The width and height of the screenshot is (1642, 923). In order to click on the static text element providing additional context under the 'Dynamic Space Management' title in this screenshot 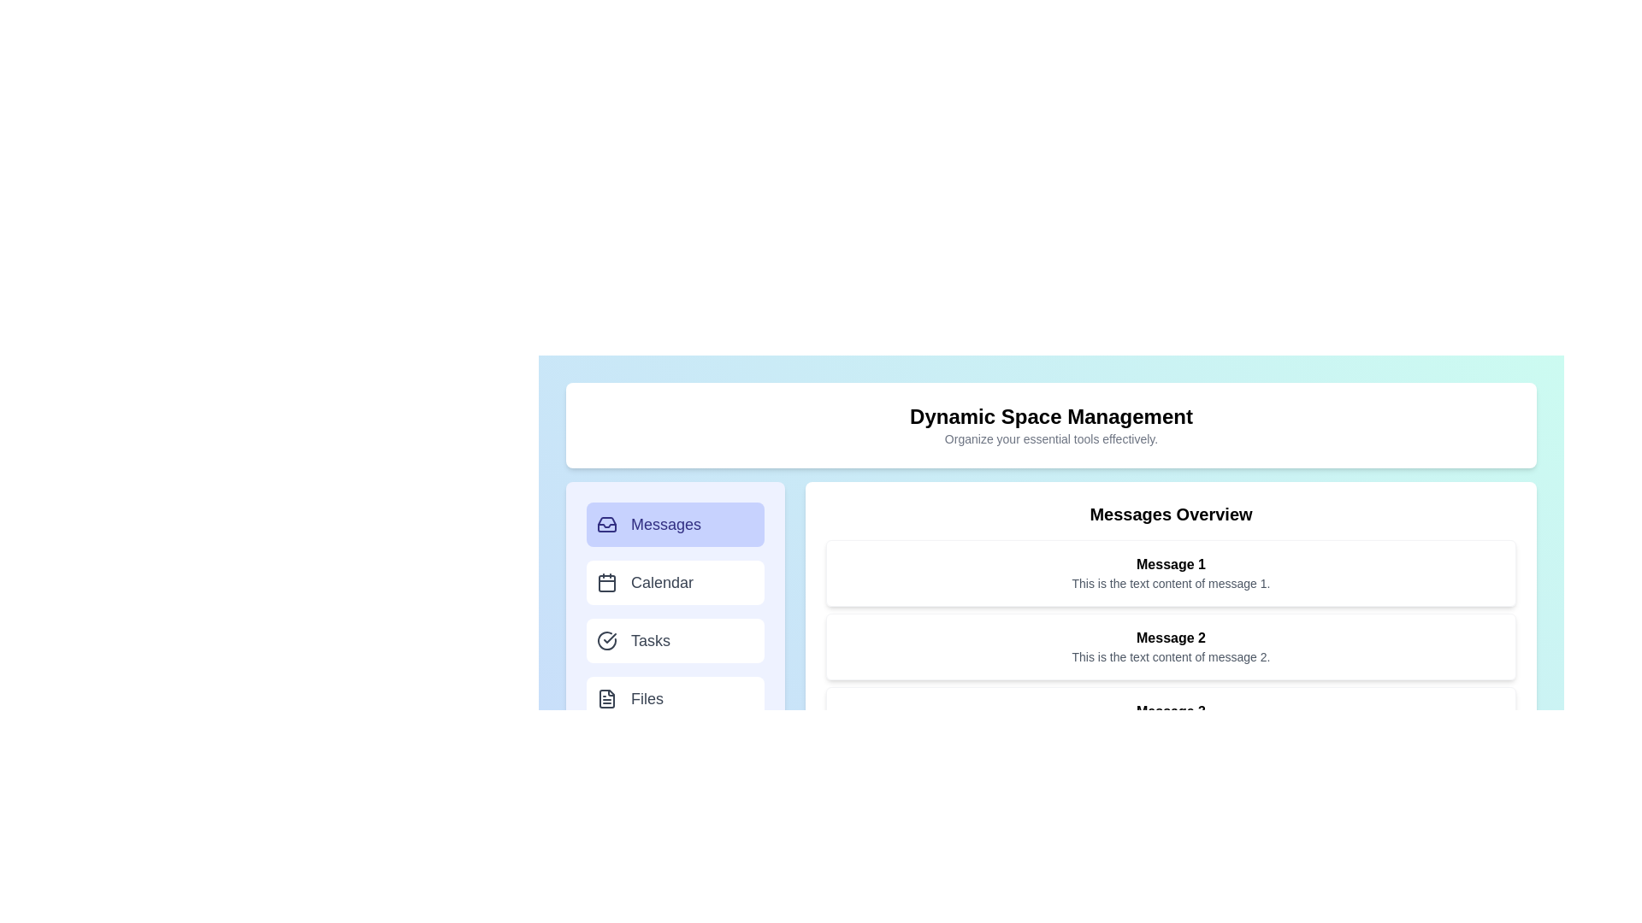, I will do `click(1050, 438)`.